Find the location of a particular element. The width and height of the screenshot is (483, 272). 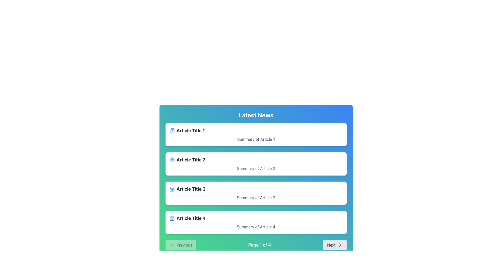

the 'Previous' button icon located at the bottom-left corner of the interface, which allows the user is located at coordinates (172, 245).